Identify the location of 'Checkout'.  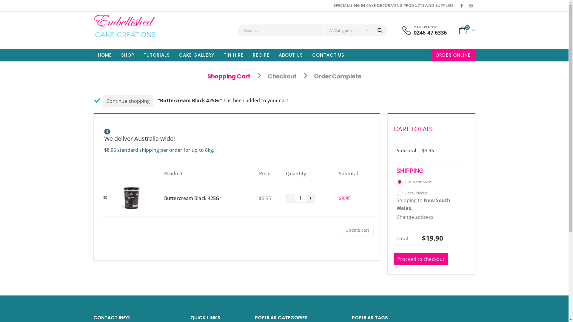
(282, 76).